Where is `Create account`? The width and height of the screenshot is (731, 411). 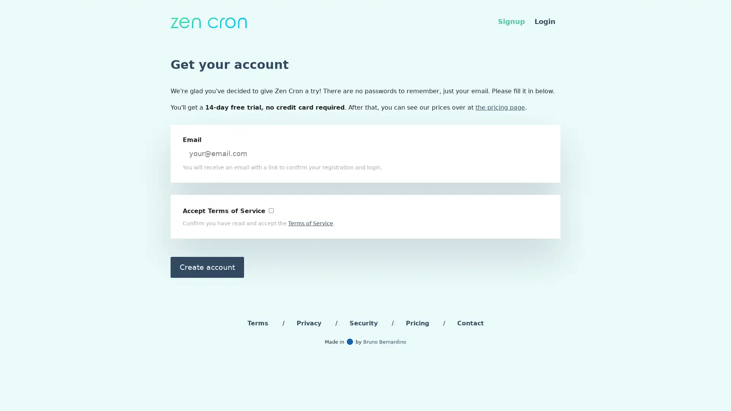 Create account is located at coordinates (207, 266).